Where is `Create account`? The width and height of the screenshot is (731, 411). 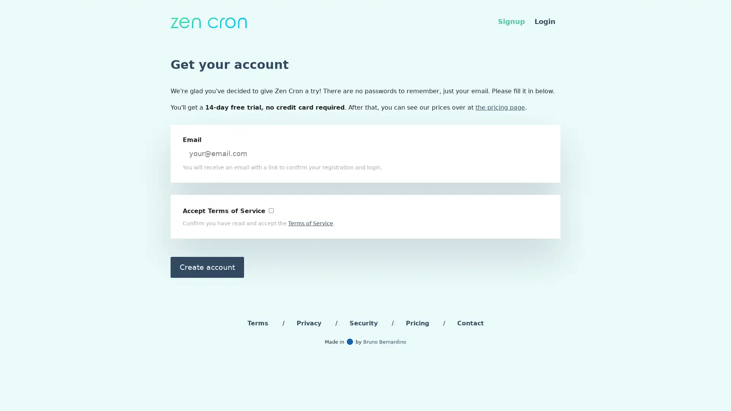 Create account is located at coordinates (207, 266).